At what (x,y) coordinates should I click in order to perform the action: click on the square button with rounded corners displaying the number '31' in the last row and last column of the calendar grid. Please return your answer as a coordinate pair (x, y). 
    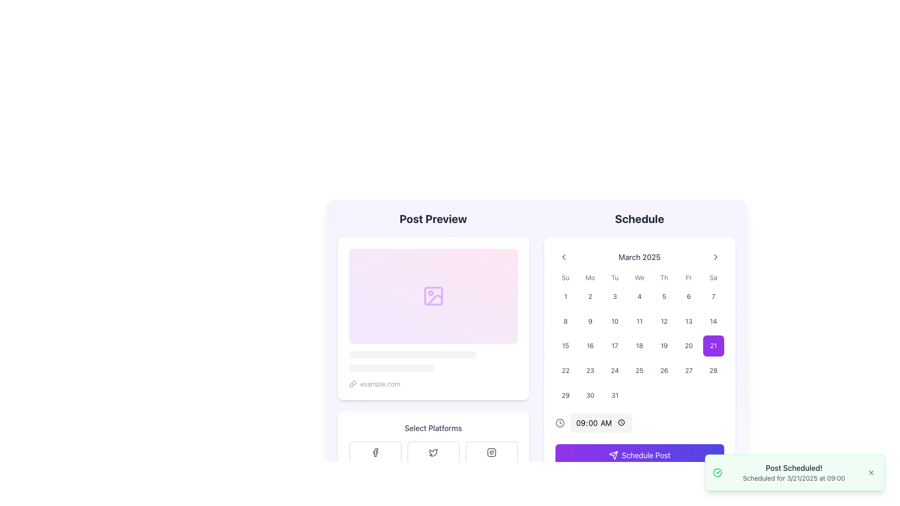
    Looking at the image, I should click on (615, 395).